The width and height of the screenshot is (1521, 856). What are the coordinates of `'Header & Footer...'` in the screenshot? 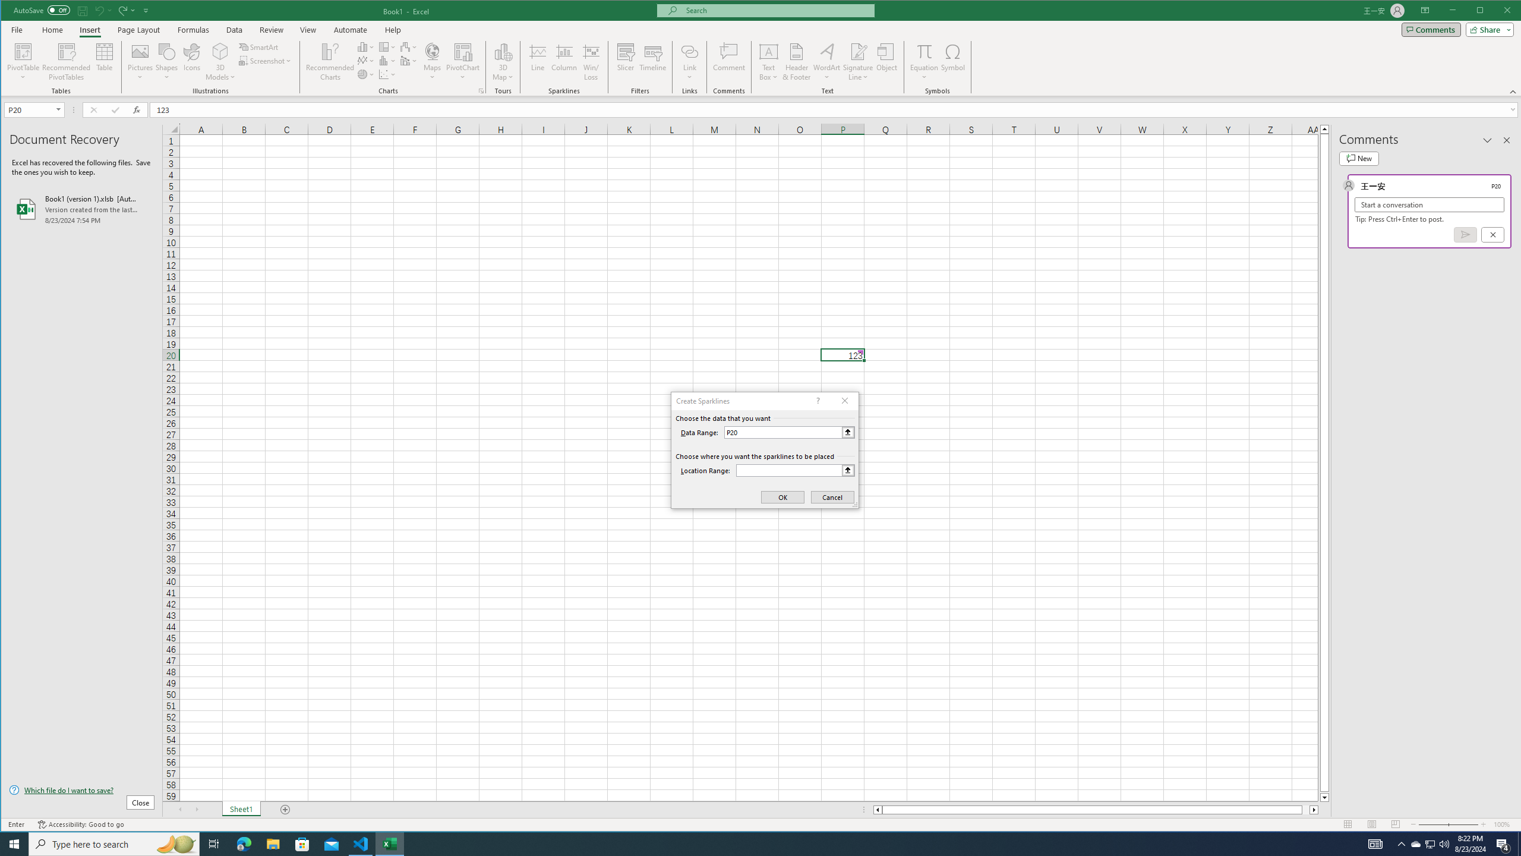 It's located at (797, 61).